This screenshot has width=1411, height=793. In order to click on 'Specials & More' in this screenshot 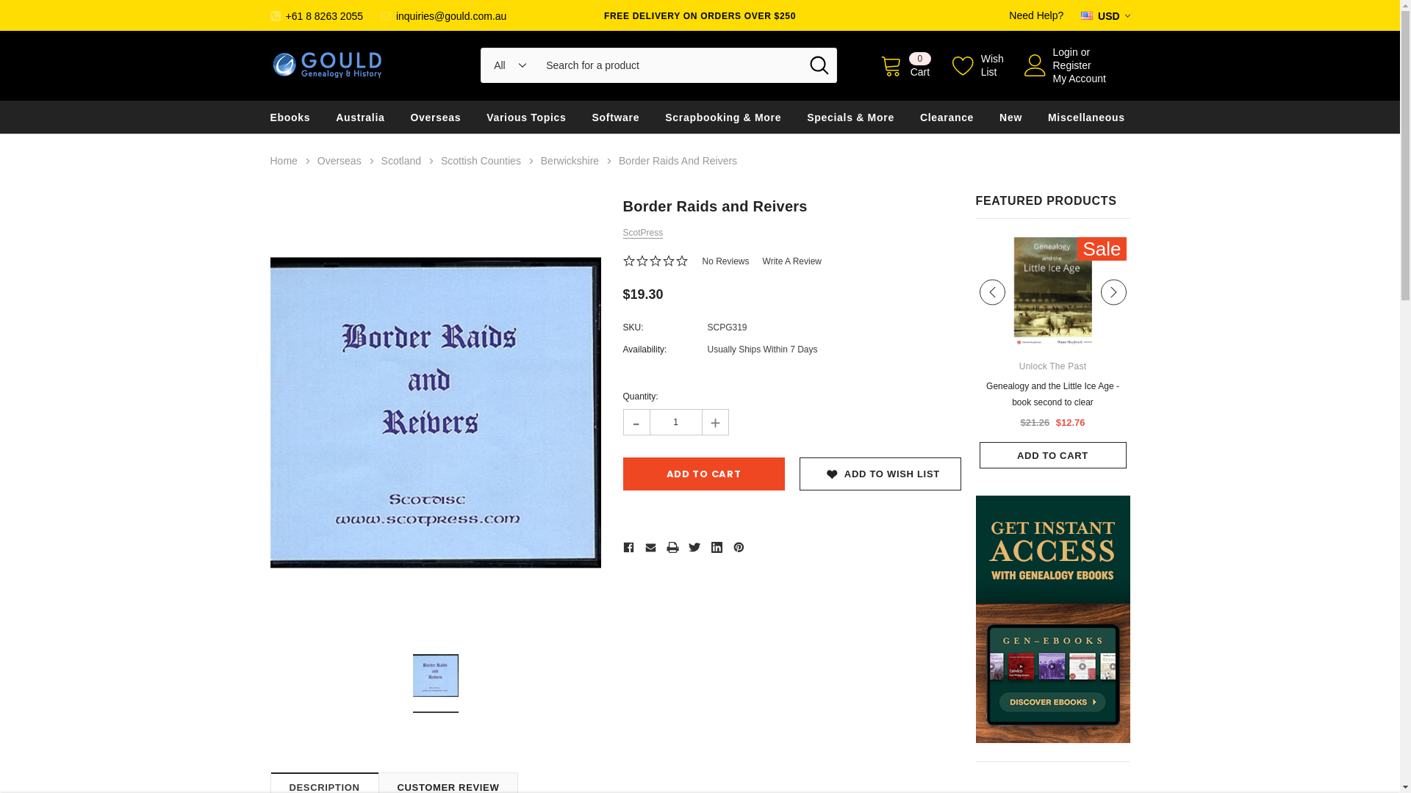, I will do `click(850, 116)`.